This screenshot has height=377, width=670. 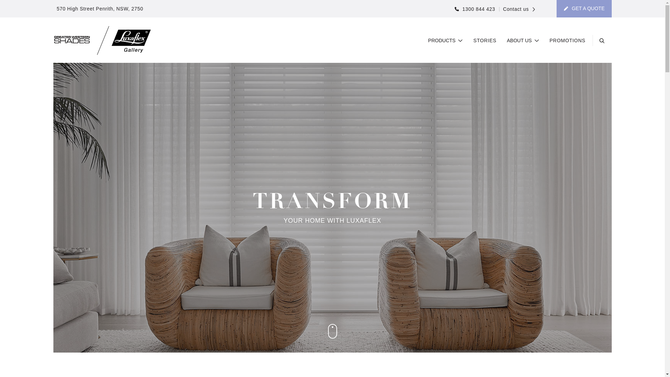 What do you see at coordinates (332, 331) in the screenshot?
I see `'Scroll to content'` at bounding box center [332, 331].